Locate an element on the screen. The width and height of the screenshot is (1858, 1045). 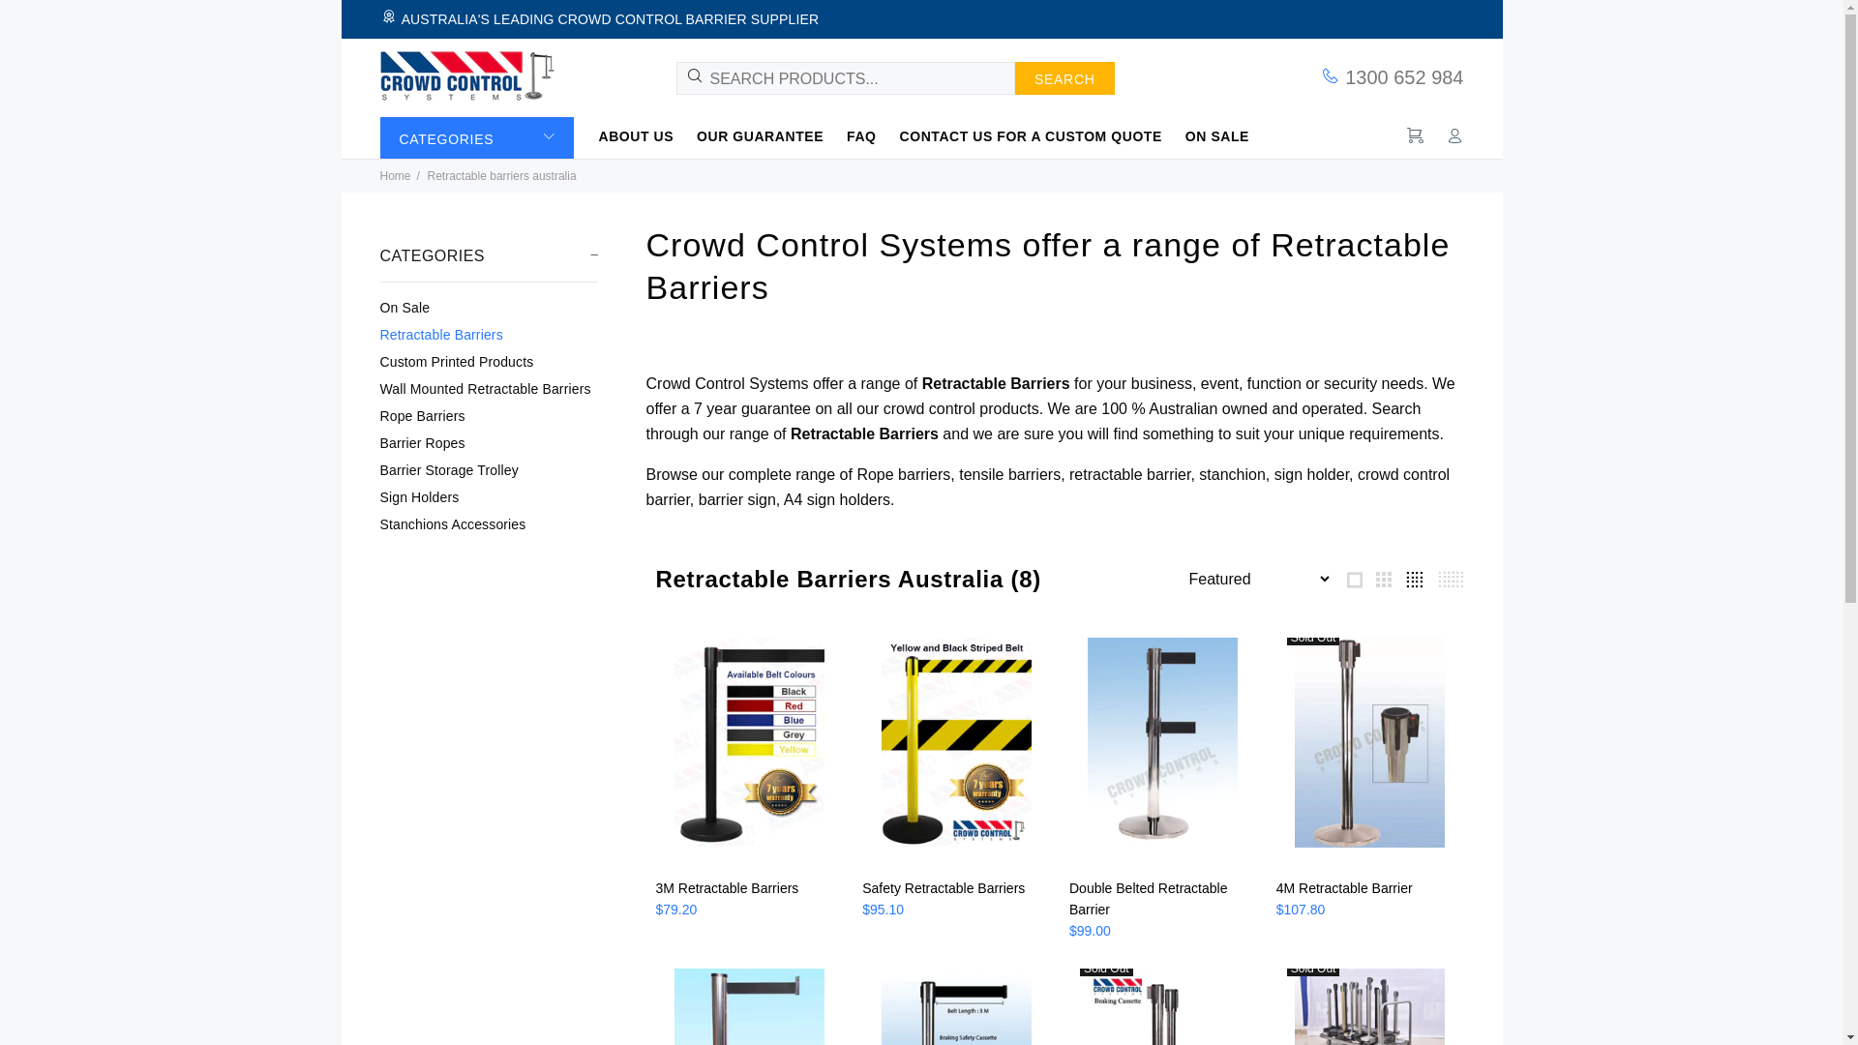
'Sold Out' is located at coordinates (1369, 749).